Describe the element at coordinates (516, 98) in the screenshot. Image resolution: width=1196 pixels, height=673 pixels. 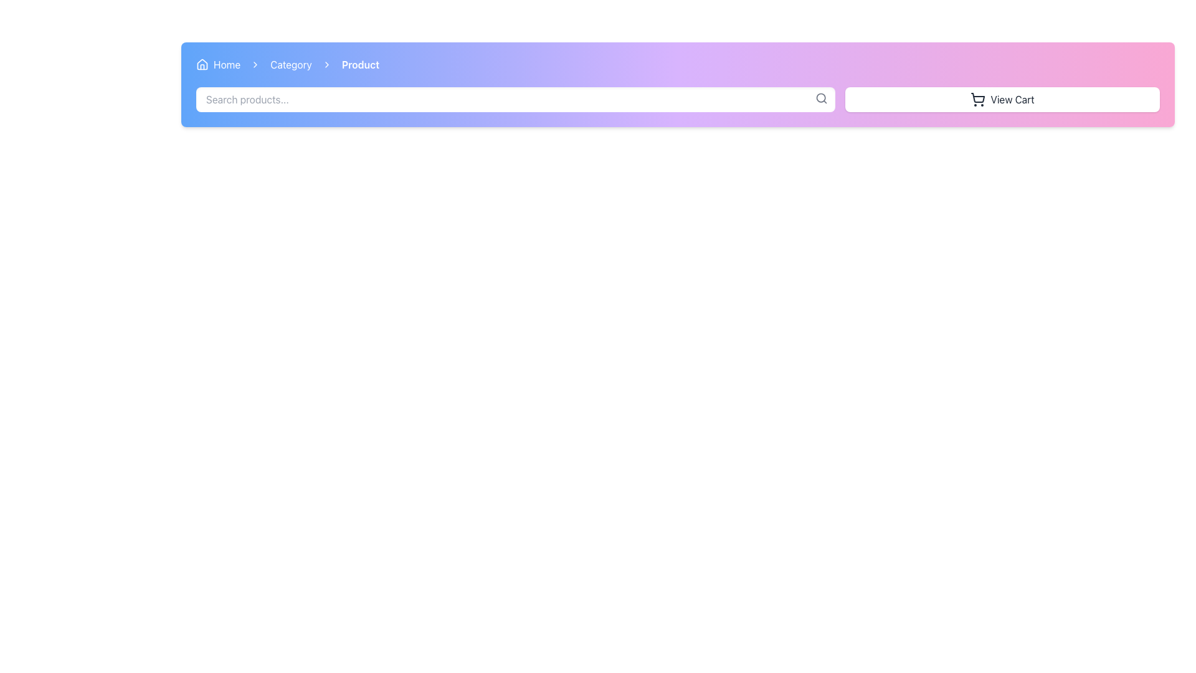
I see `the input area of the Search Bar to focus on it for user input` at that location.